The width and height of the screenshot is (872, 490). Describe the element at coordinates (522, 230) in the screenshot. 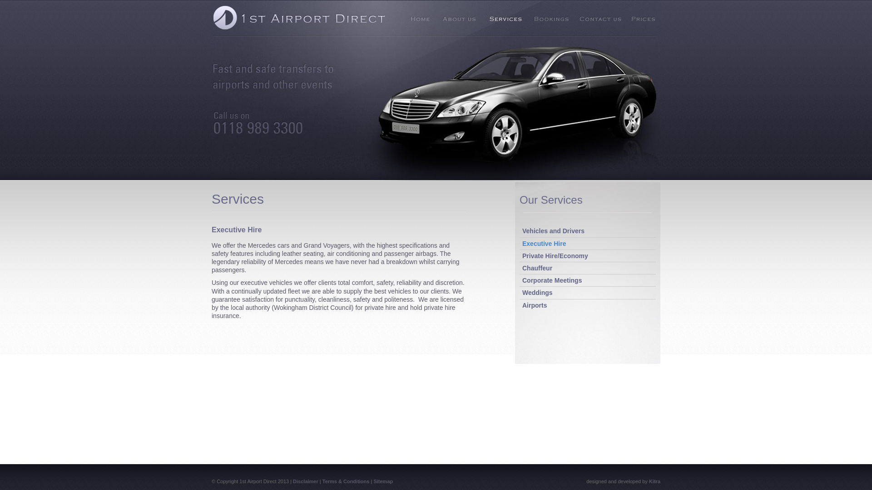

I see `'Vehicles and Drivers'` at that location.